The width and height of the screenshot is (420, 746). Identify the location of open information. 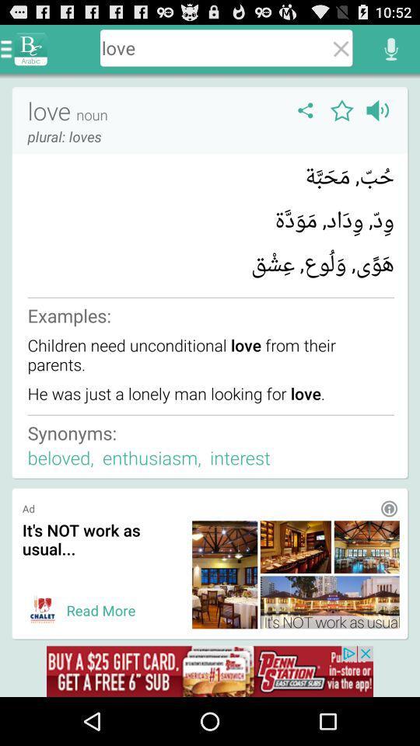
(388, 507).